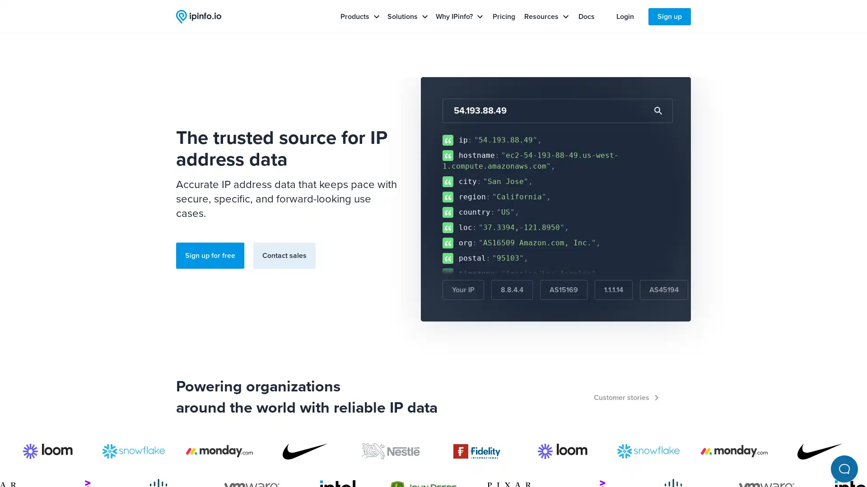  I want to click on Solutions, so click(407, 17).